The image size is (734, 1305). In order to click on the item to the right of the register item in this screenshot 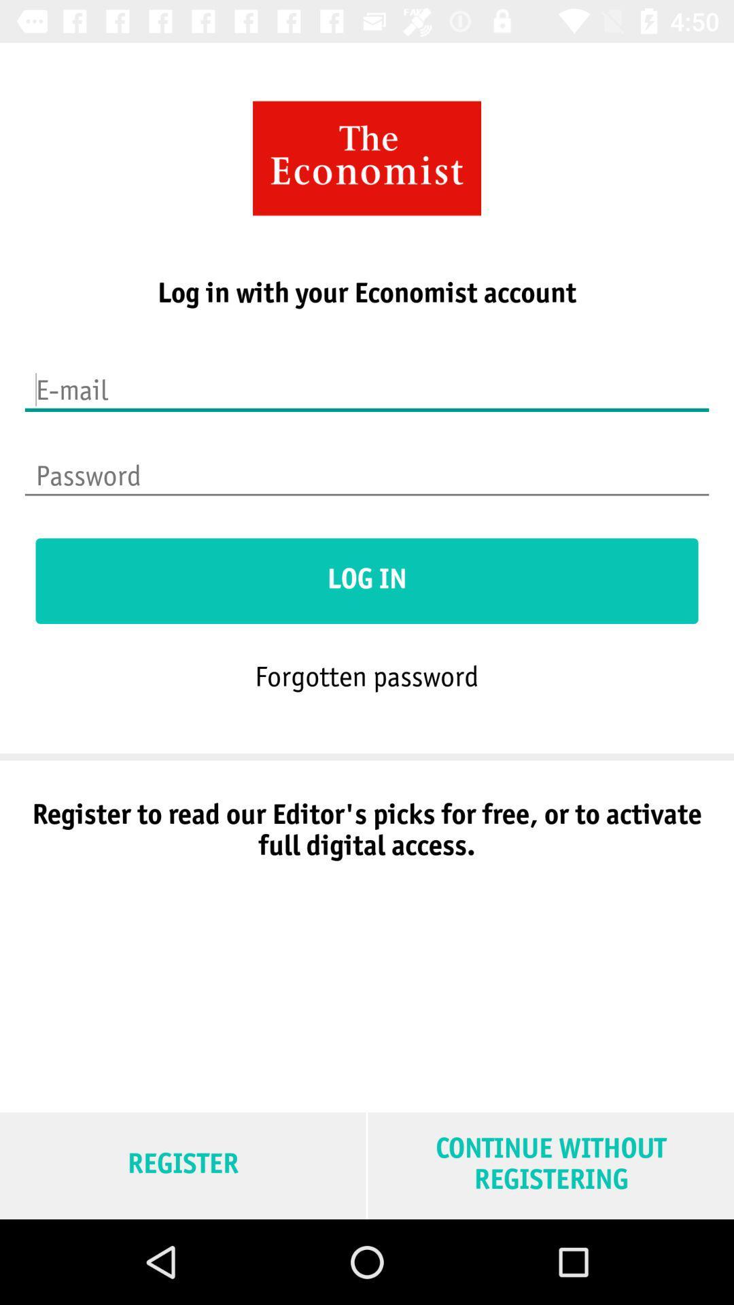, I will do `click(550, 1165)`.